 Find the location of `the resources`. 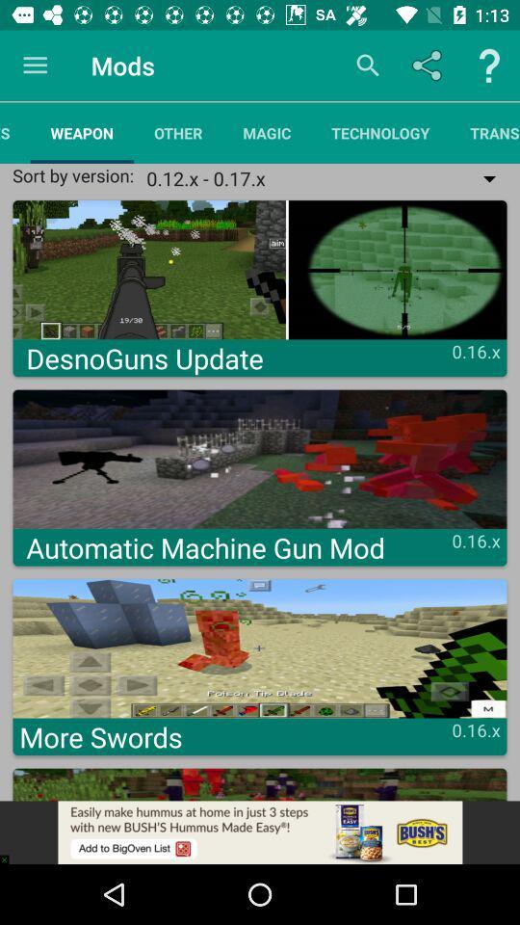

the resources is located at coordinates (13, 132).